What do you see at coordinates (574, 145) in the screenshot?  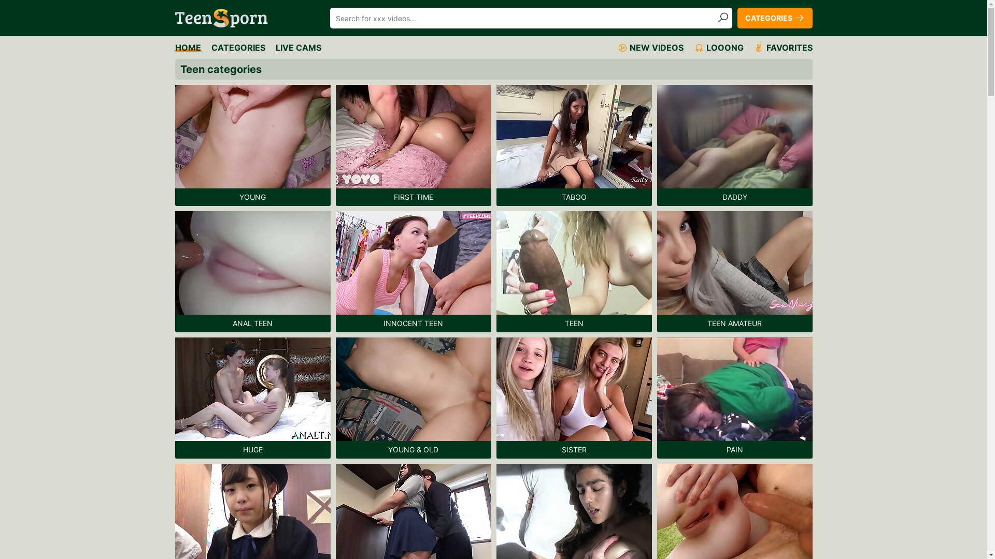 I see `'TABOO'` at bounding box center [574, 145].